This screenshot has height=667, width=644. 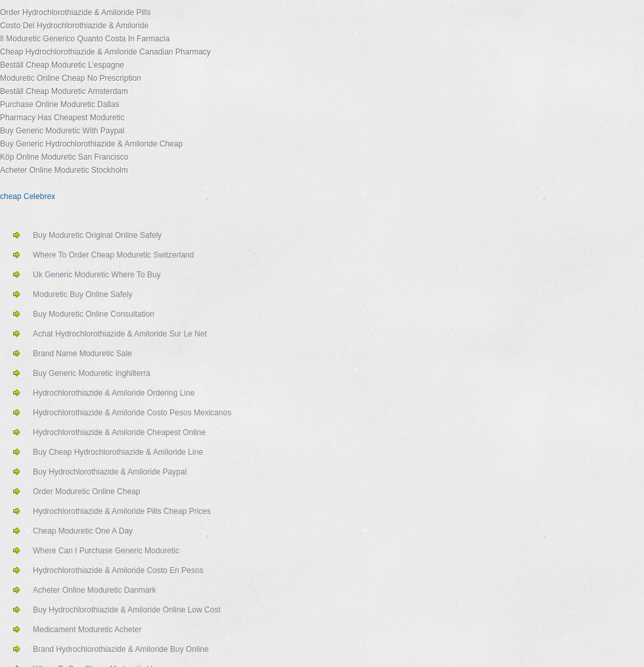 What do you see at coordinates (64, 157) in the screenshot?
I see `'Köp Online Moduretic San Francisco'` at bounding box center [64, 157].